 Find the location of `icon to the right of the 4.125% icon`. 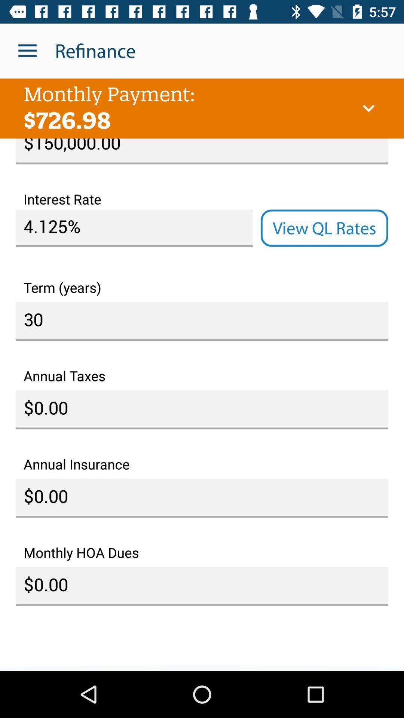

icon to the right of the 4.125% icon is located at coordinates (324, 228).